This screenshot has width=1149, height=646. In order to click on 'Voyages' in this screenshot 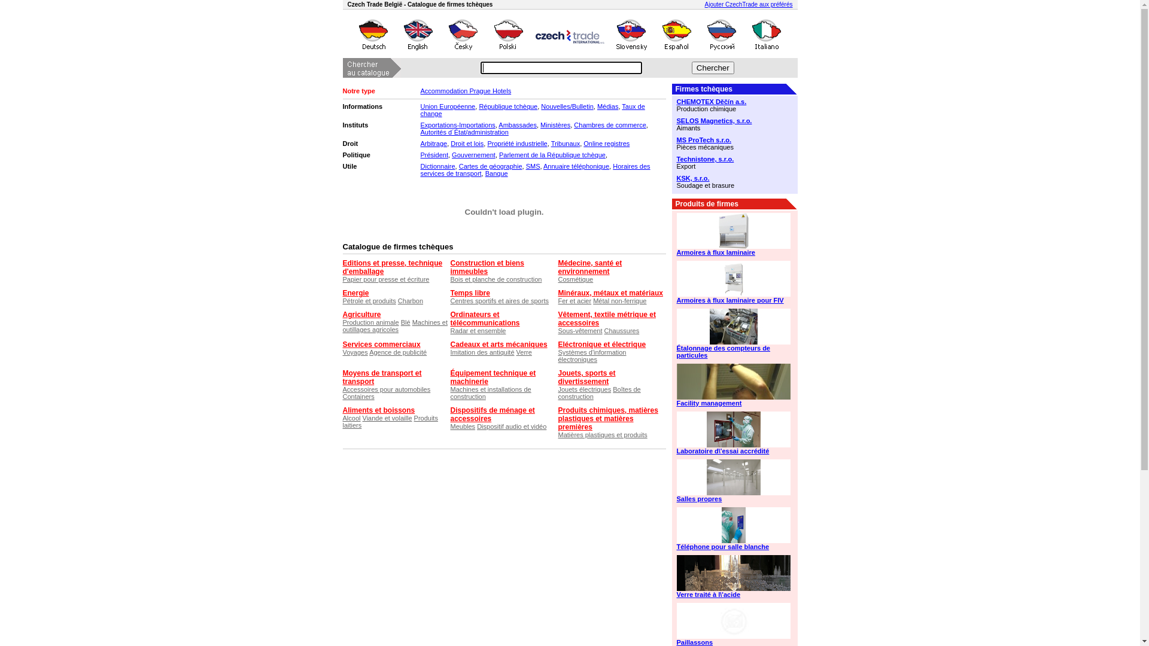, I will do `click(354, 352)`.